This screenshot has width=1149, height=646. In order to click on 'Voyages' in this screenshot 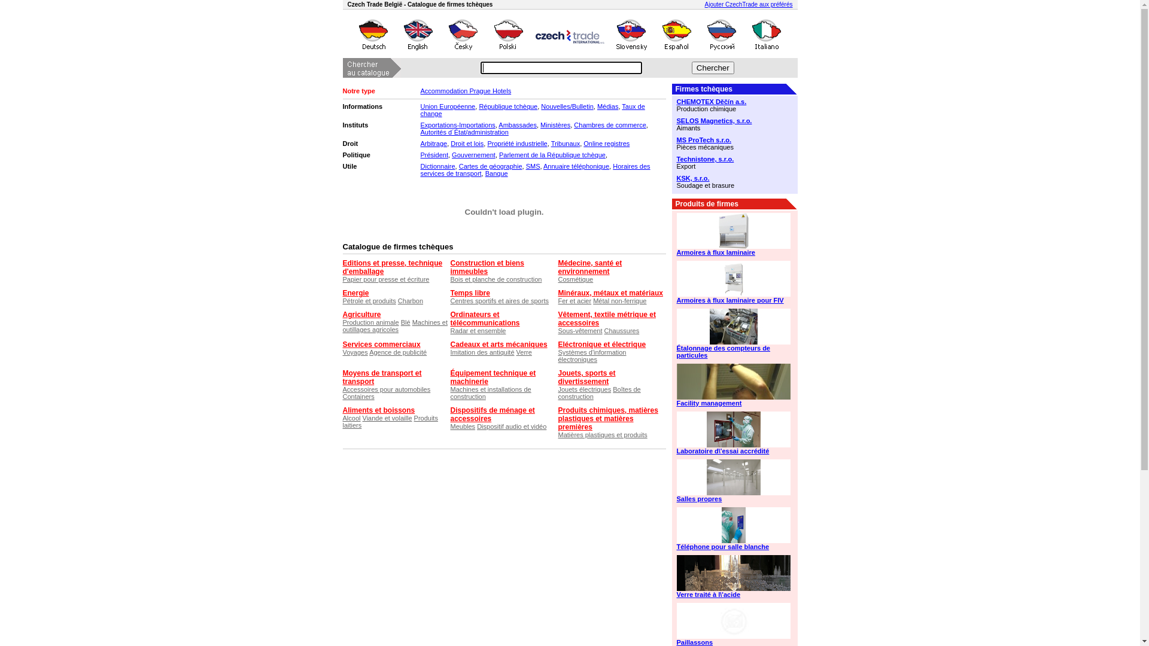, I will do `click(354, 352)`.